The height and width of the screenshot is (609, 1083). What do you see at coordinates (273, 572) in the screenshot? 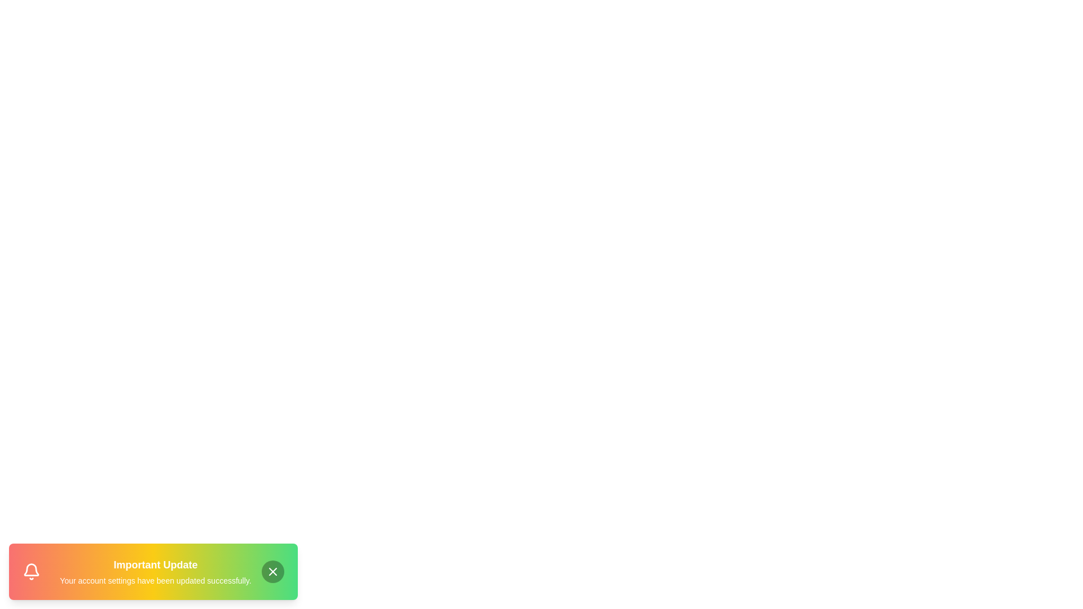
I see `the close button to dismiss the notification` at bounding box center [273, 572].